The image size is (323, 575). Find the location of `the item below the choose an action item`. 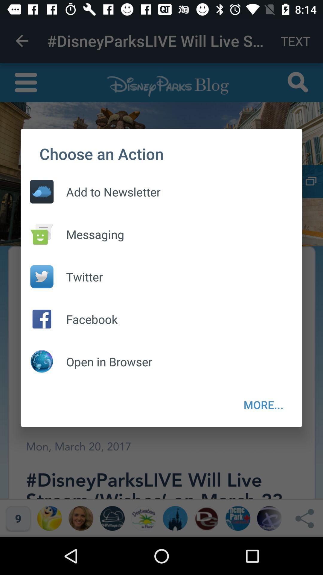

the item below the choose an action item is located at coordinates (263, 405).